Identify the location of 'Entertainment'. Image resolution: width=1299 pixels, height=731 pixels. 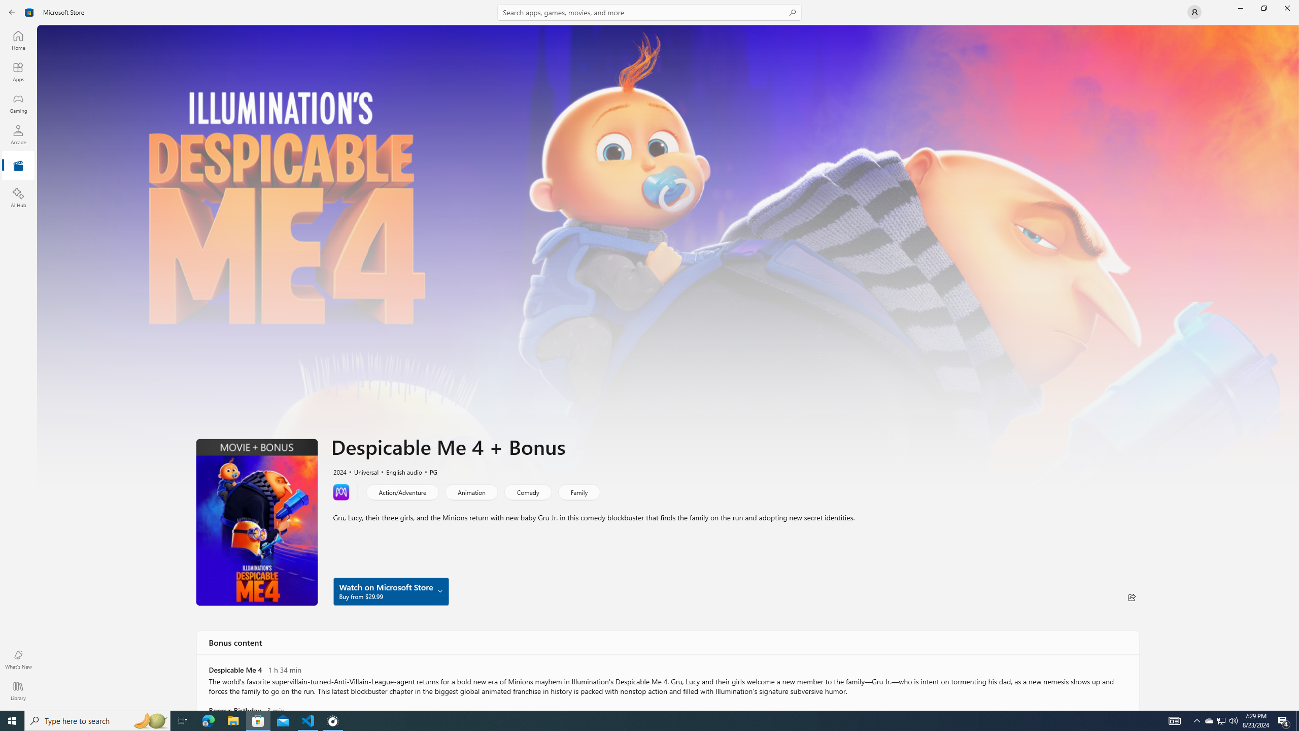
(17, 165).